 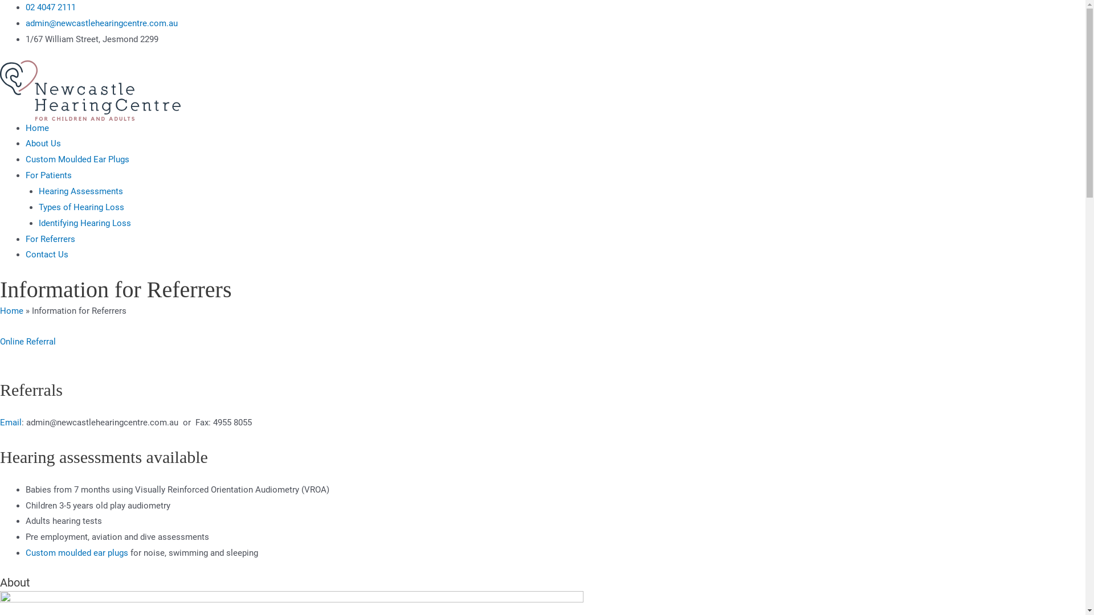 I want to click on 'Home', so click(x=11, y=311).